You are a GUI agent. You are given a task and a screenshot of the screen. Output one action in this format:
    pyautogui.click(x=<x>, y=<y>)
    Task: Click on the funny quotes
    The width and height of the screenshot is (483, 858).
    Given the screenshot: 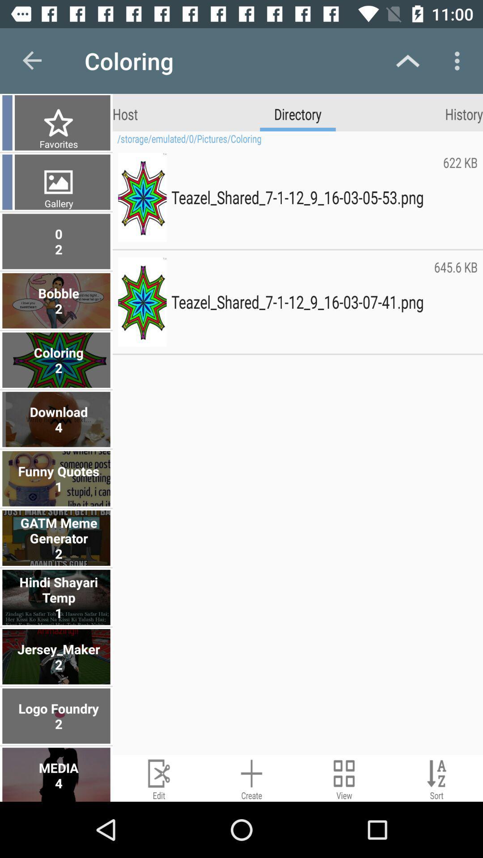 What is the action you would take?
    pyautogui.click(x=57, y=478)
    